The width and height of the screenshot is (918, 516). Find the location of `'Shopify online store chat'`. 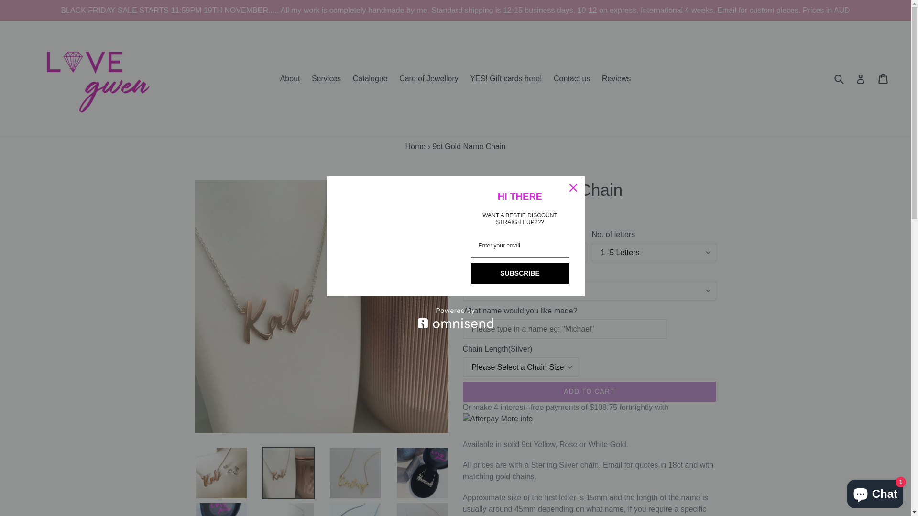

'Shopify online store chat' is located at coordinates (875, 492).